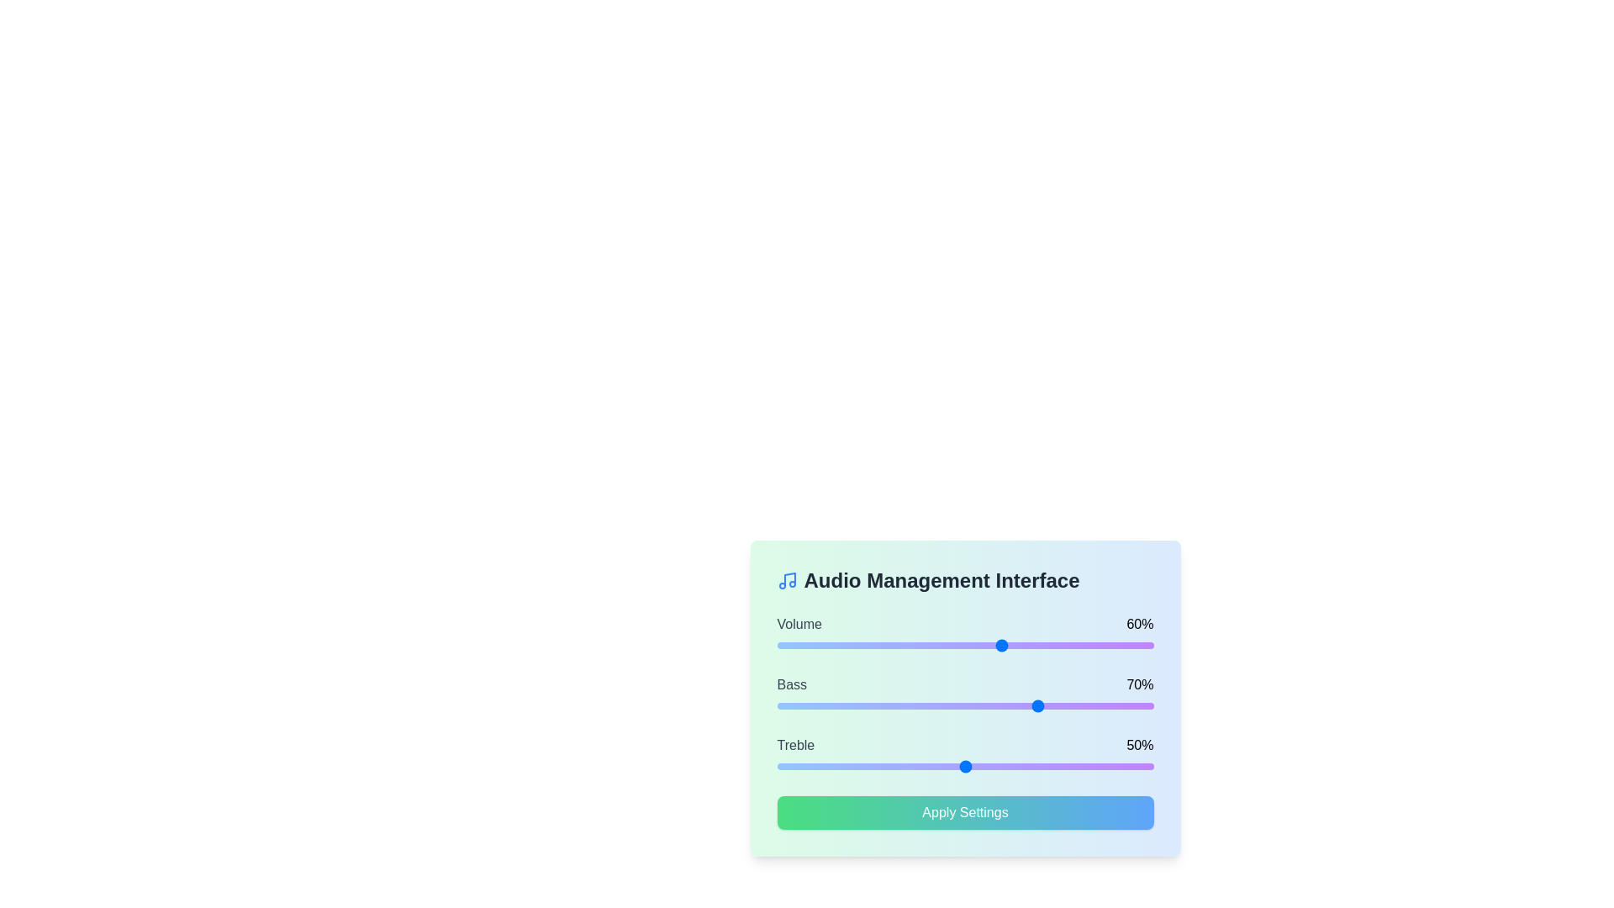  I want to click on the treble level, so click(833, 766).